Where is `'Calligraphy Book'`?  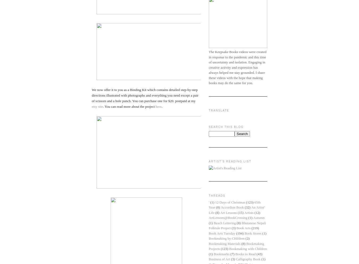
'Calligraphy Book' is located at coordinates (248, 259).